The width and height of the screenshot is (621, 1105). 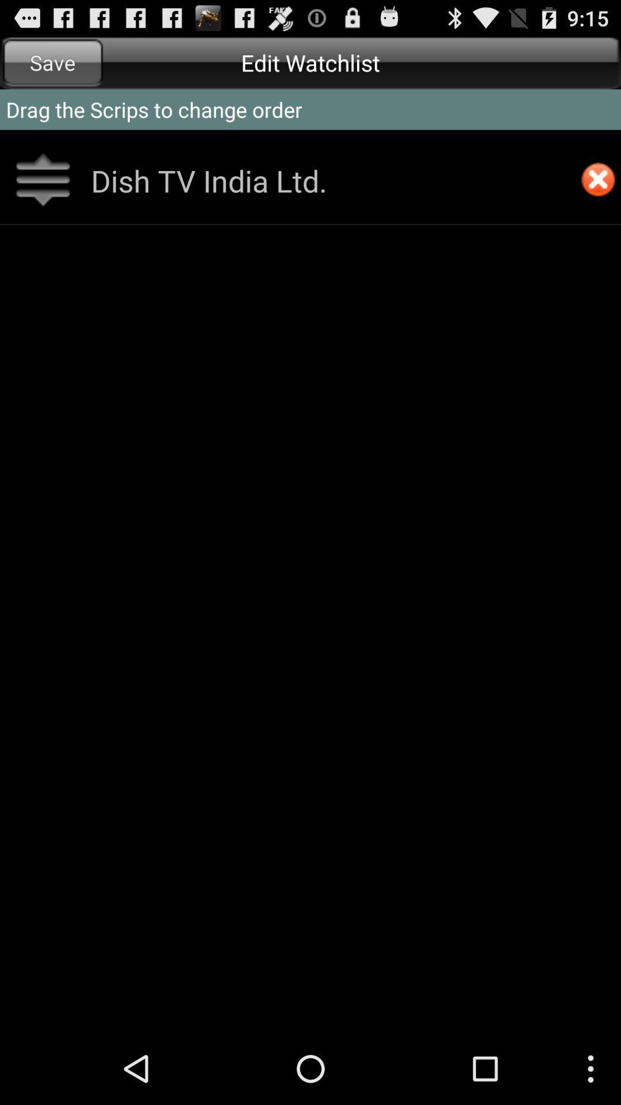 What do you see at coordinates (52, 62) in the screenshot?
I see `item to the left of edit watchlist` at bounding box center [52, 62].